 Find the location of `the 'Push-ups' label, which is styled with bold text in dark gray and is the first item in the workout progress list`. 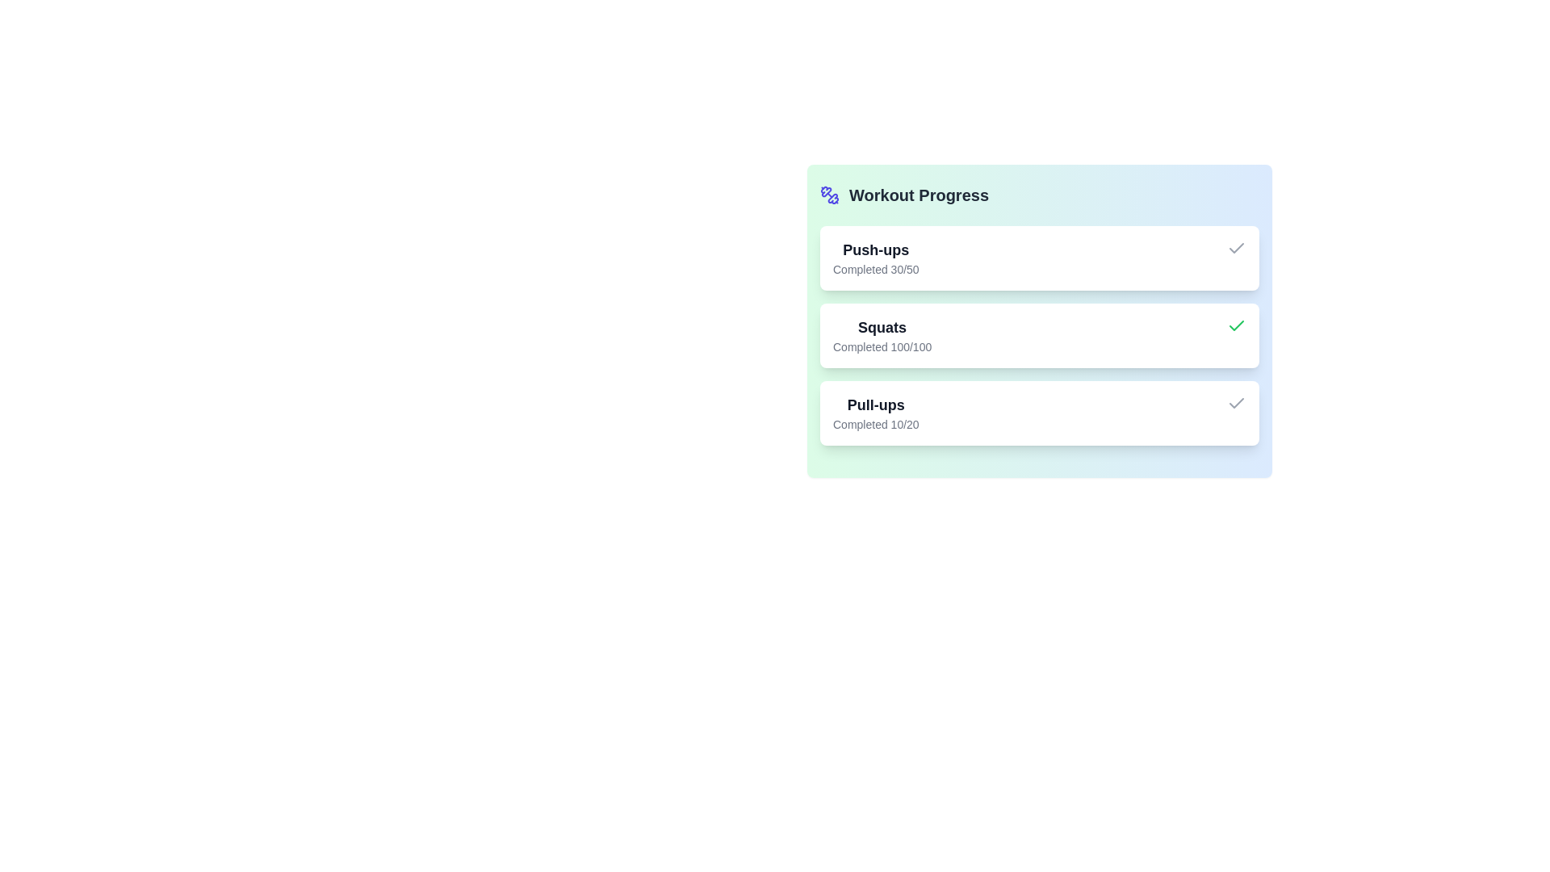

the 'Push-ups' label, which is styled with bold text in dark gray and is the first item in the workout progress list is located at coordinates (875, 249).